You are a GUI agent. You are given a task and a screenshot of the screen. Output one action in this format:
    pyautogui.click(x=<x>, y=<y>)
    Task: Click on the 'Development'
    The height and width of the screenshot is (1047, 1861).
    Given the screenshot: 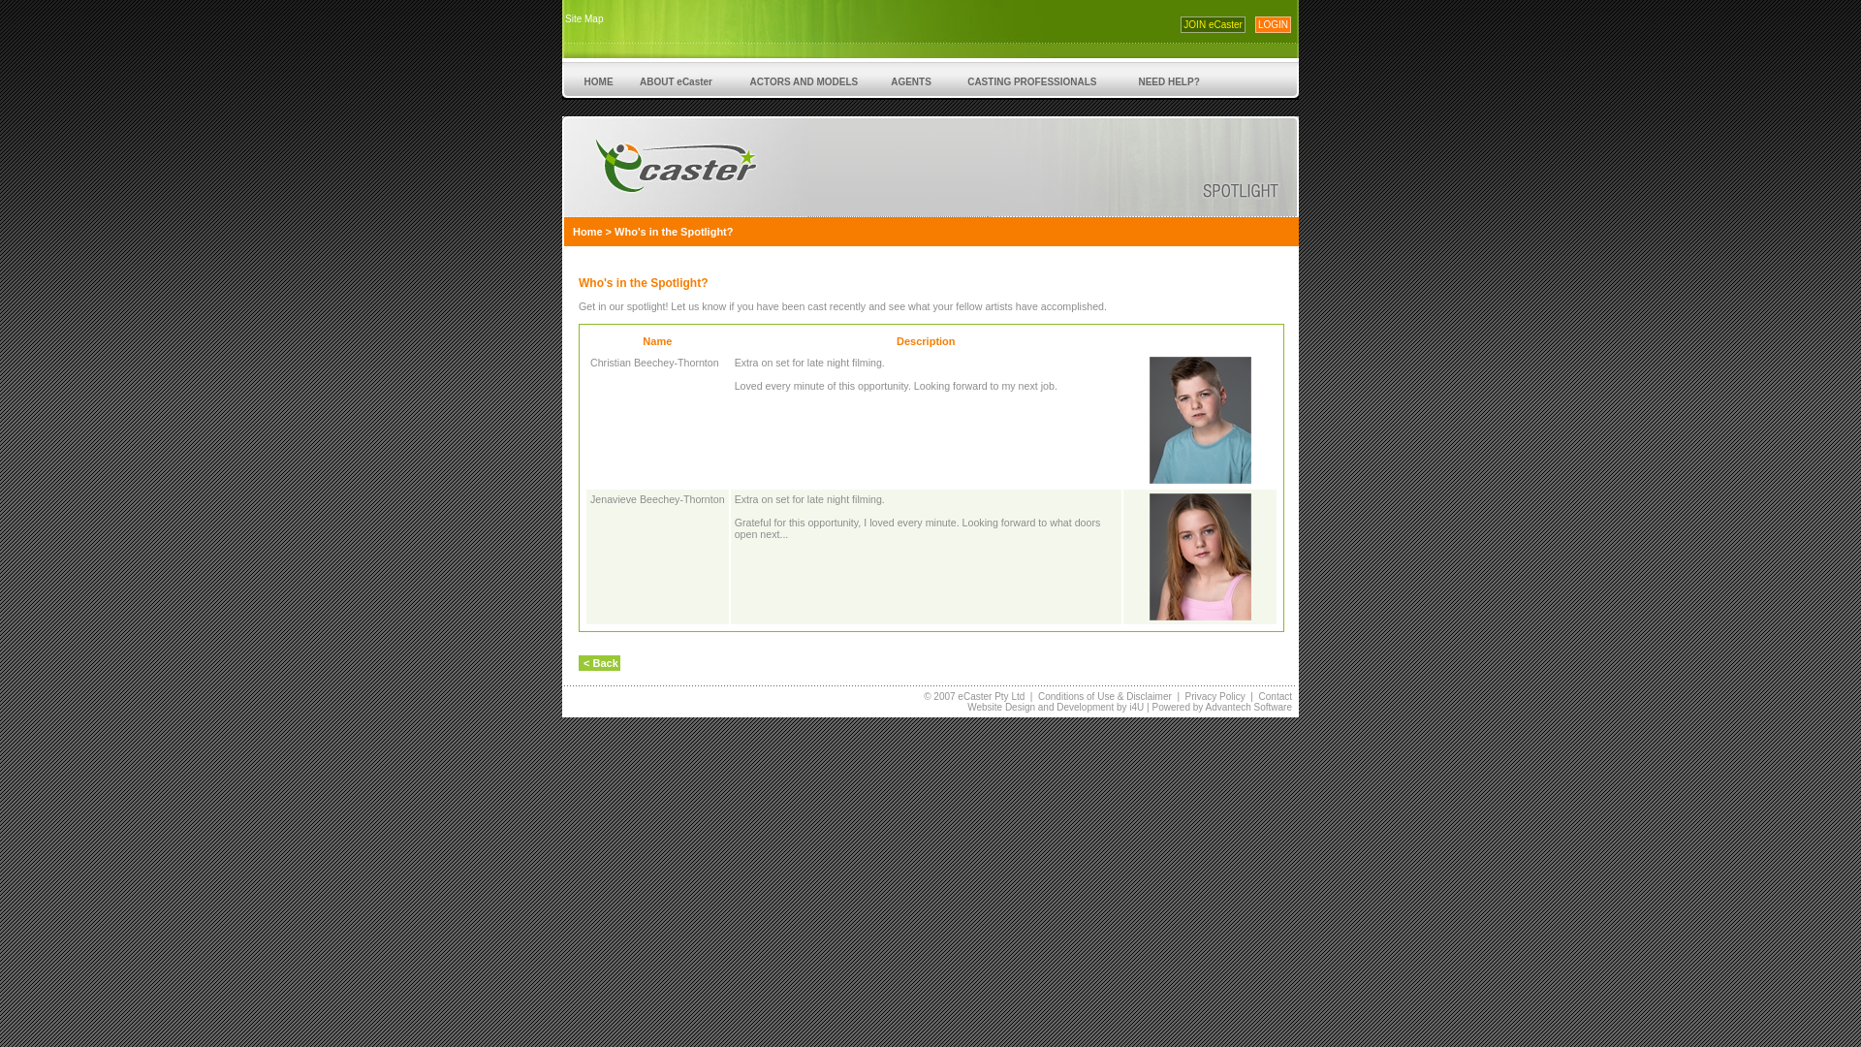 What is the action you would take?
    pyautogui.click(x=1084, y=707)
    